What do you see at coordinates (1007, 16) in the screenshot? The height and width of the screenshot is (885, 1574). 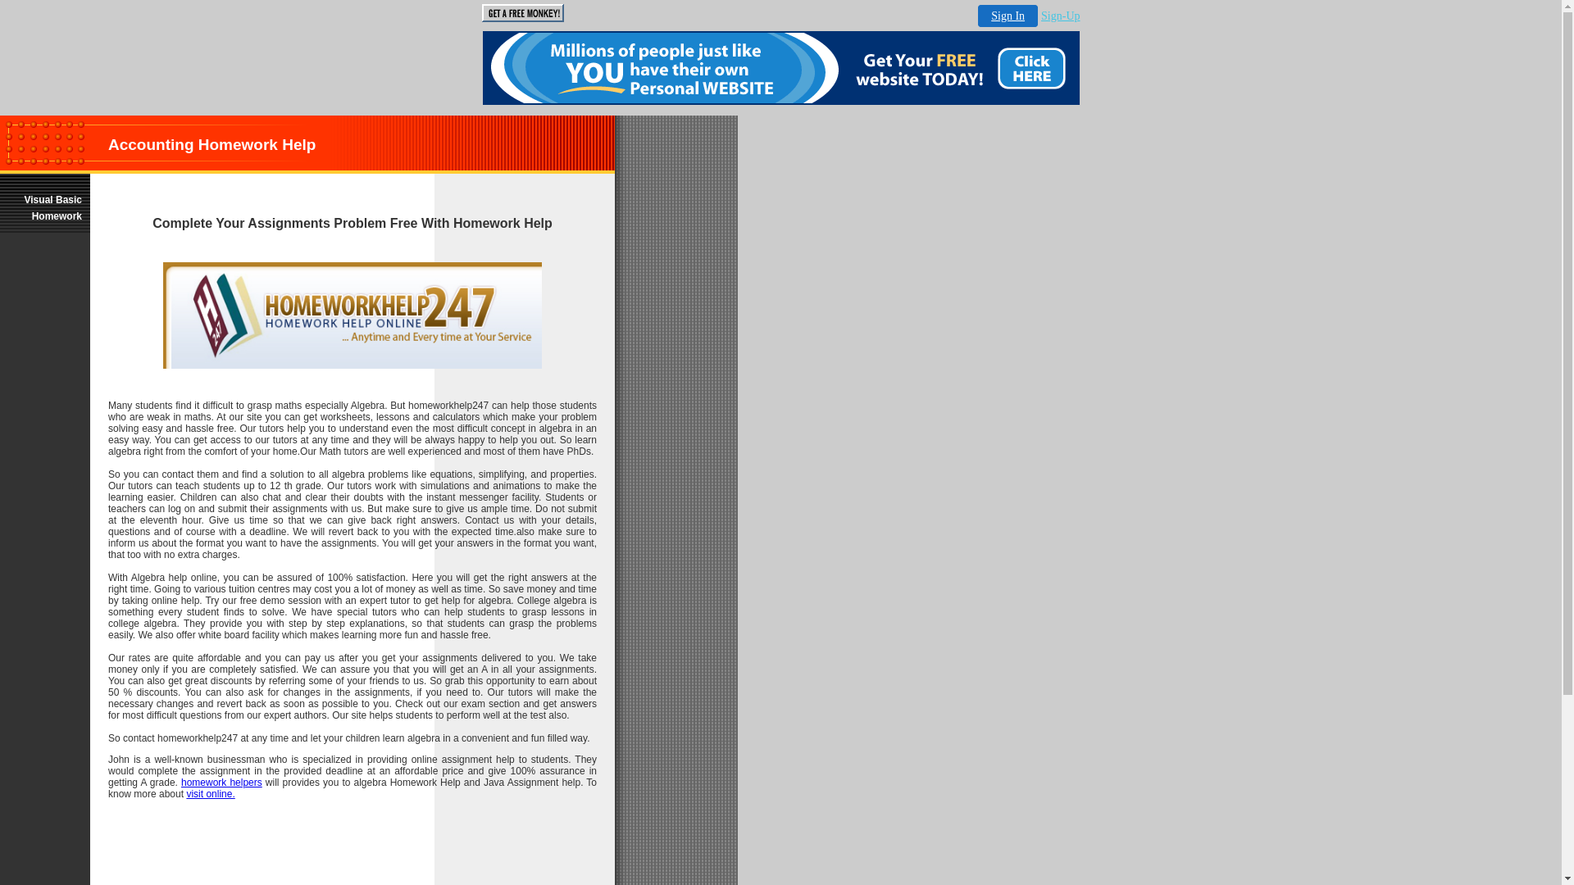 I see `'Sign In'` at bounding box center [1007, 16].